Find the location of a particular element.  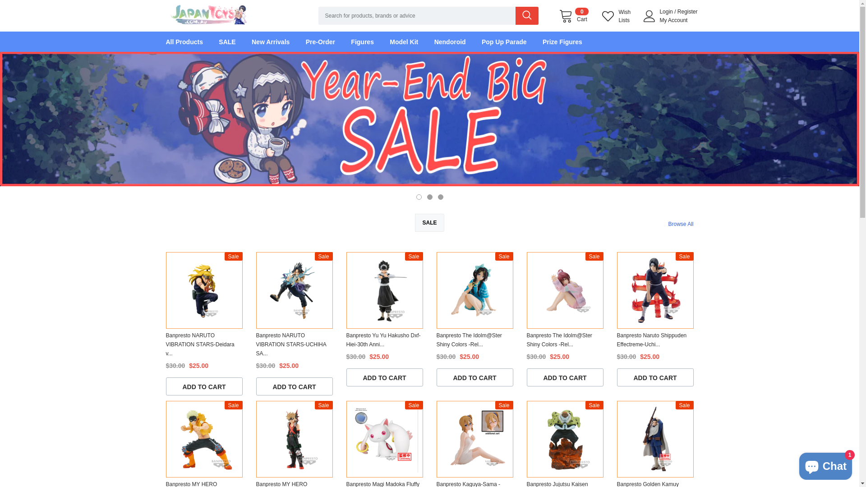

'0 is located at coordinates (573, 16).